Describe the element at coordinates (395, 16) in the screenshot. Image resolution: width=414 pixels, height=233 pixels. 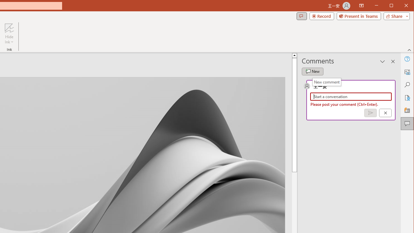
I see `'Share'` at that location.